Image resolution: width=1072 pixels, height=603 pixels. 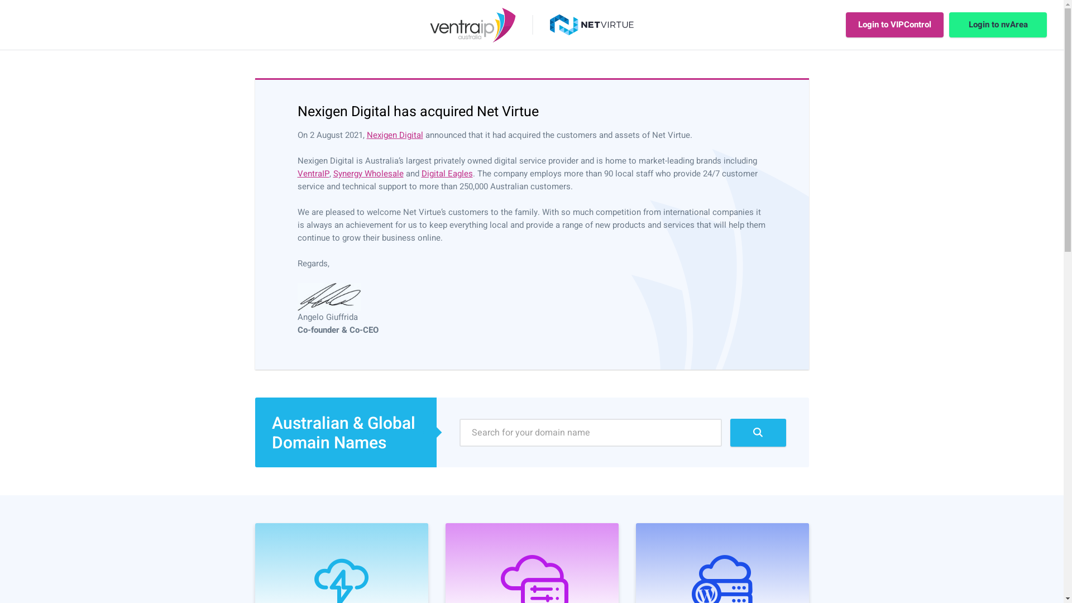 I want to click on 'Nexigen Digital', so click(x=366, y=135).